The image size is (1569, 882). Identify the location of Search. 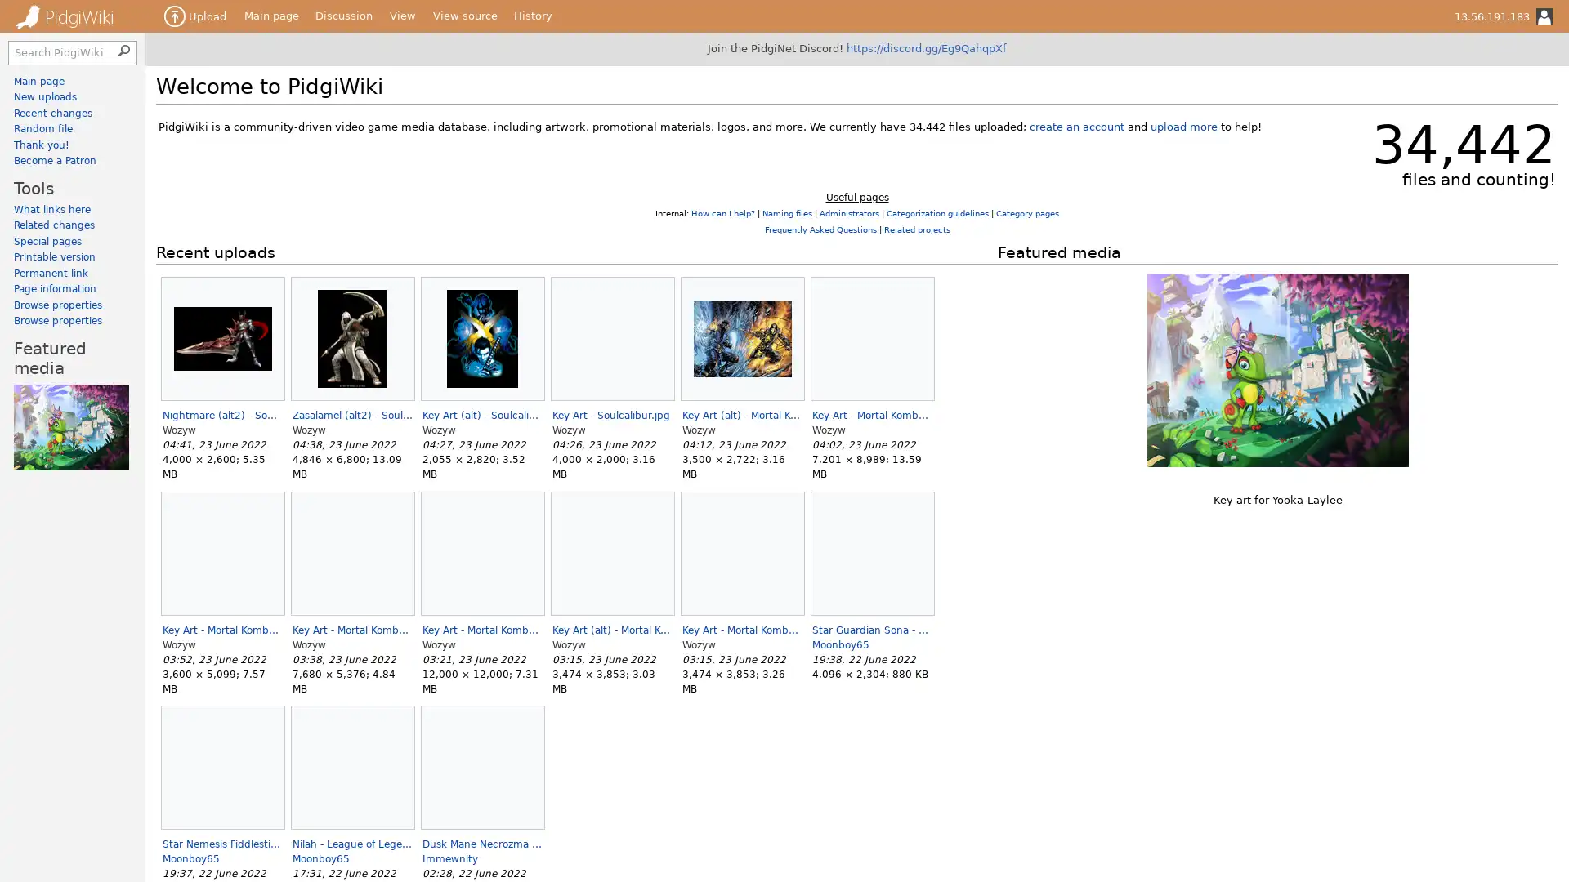
(125, 48).